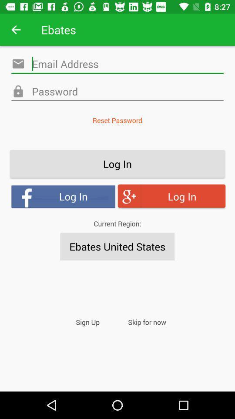 Image resolution: width=235 pixels, height=419 pixels. I want to click on the item below the ebates united states icon, so click(87, 322).